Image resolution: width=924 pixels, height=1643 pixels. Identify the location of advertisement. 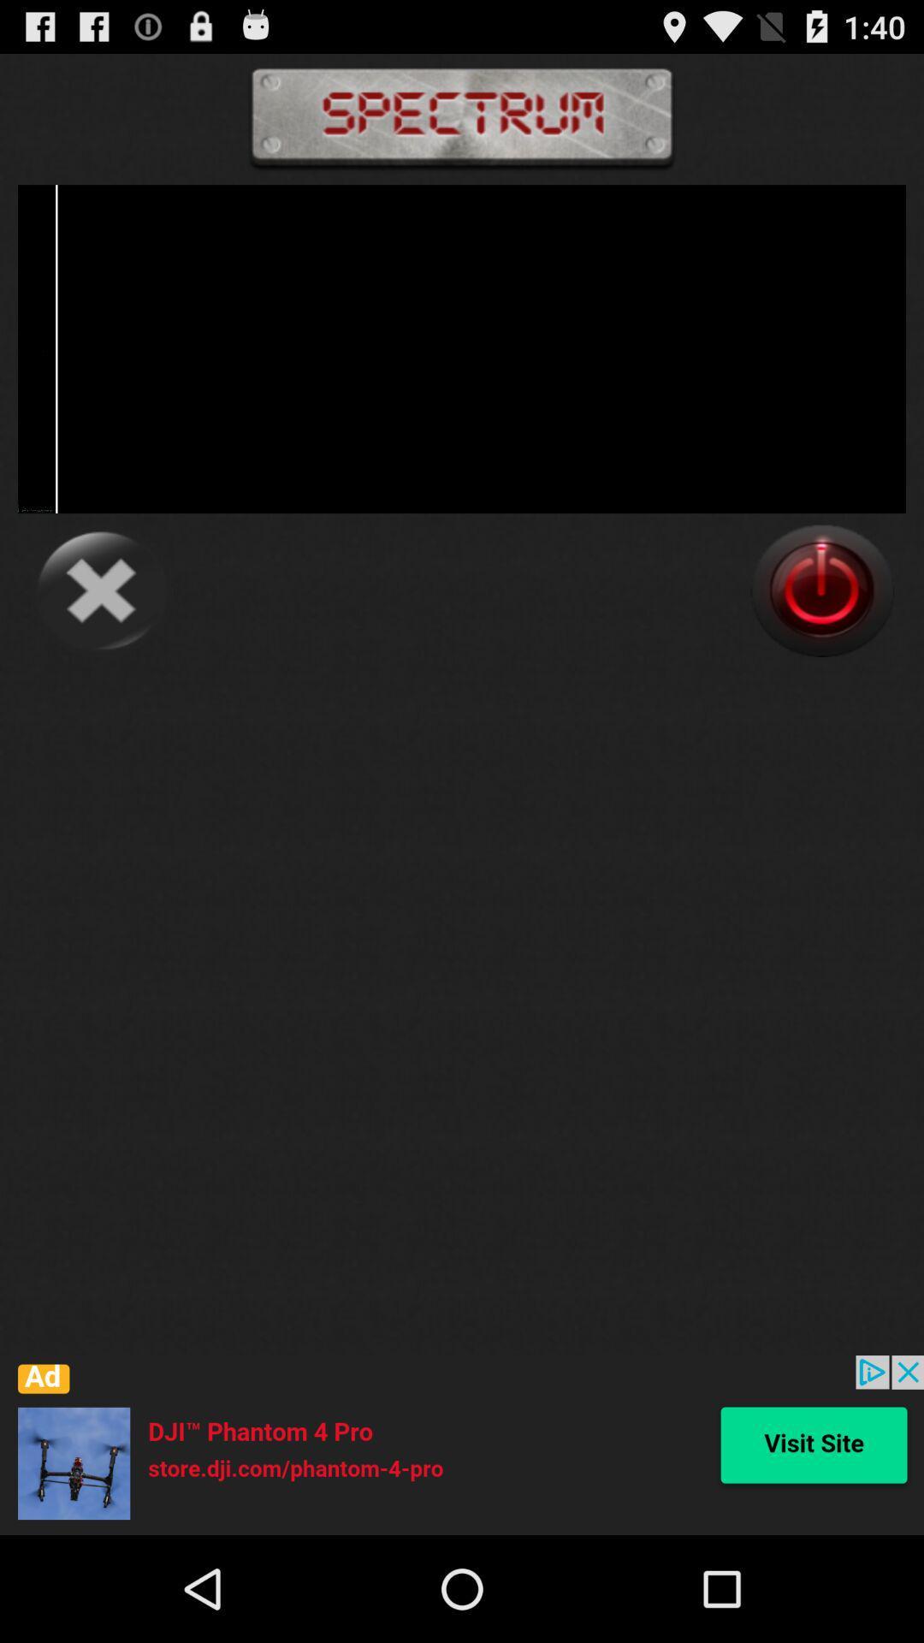
(462, 1444).